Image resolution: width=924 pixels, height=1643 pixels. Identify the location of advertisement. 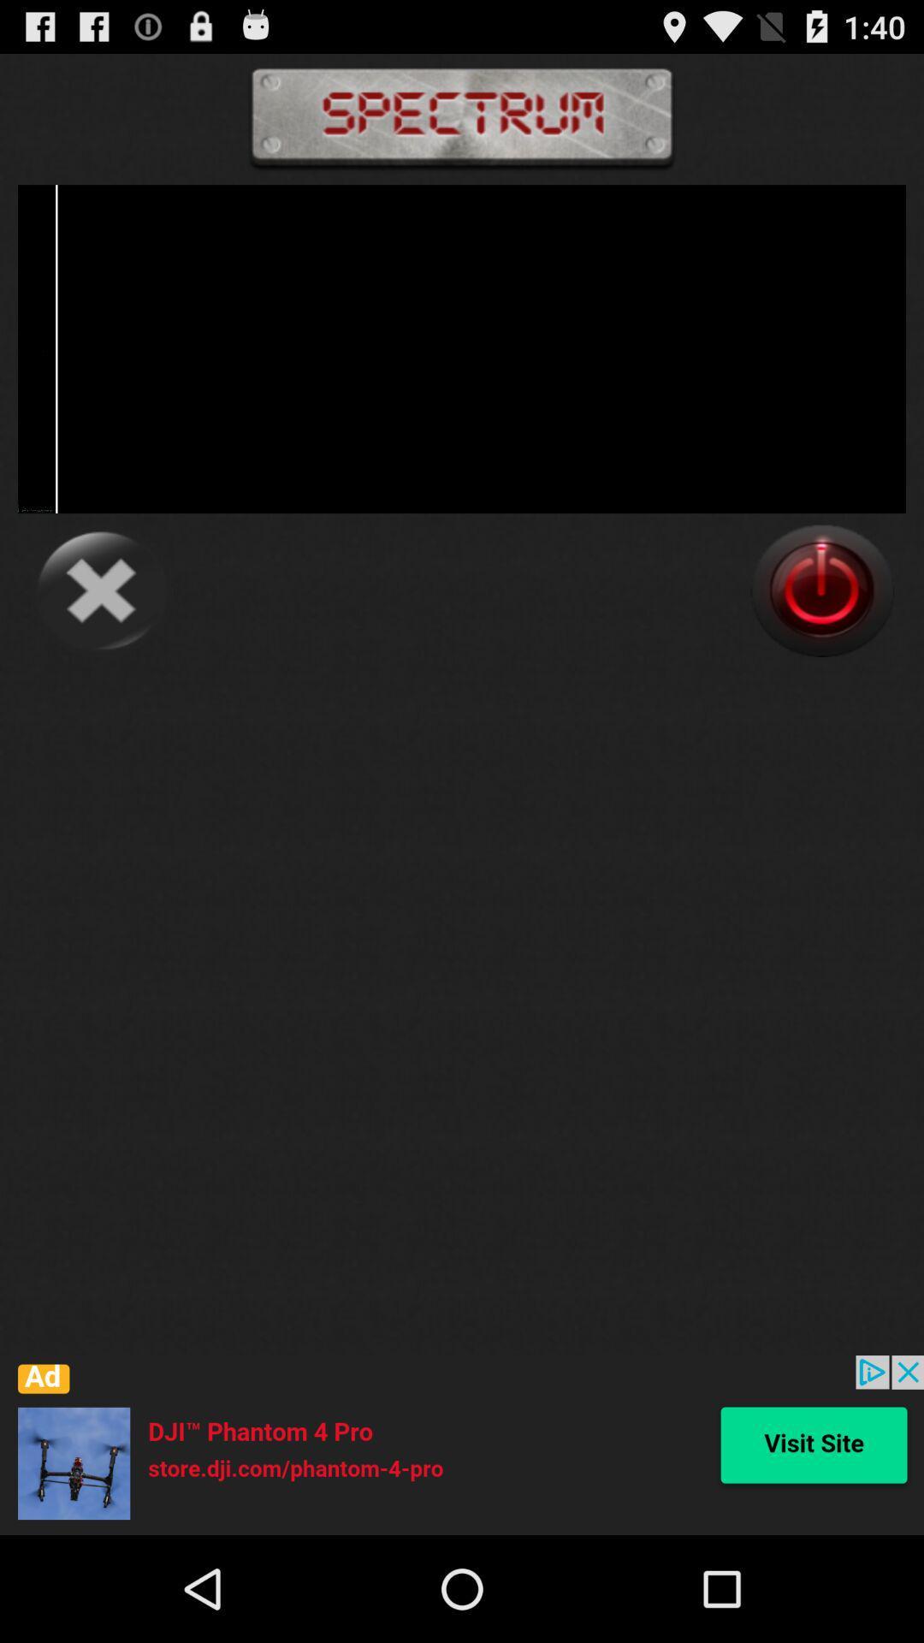
(462, 1444).